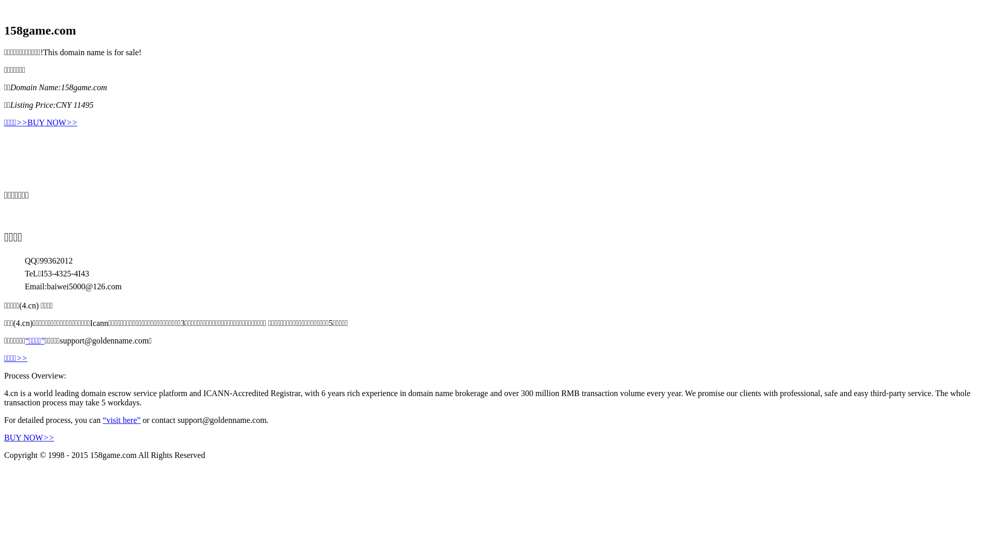  I want to click on 'BUY NOW>>', so click(29, 437).